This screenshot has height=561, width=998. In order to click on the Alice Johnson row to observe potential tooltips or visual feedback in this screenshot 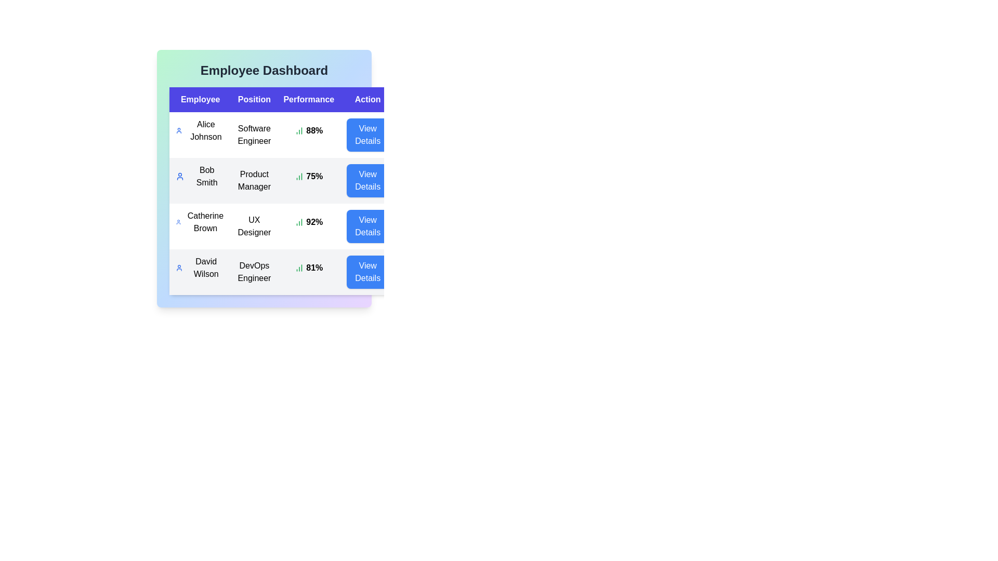, I will do `click(200, 130)`.